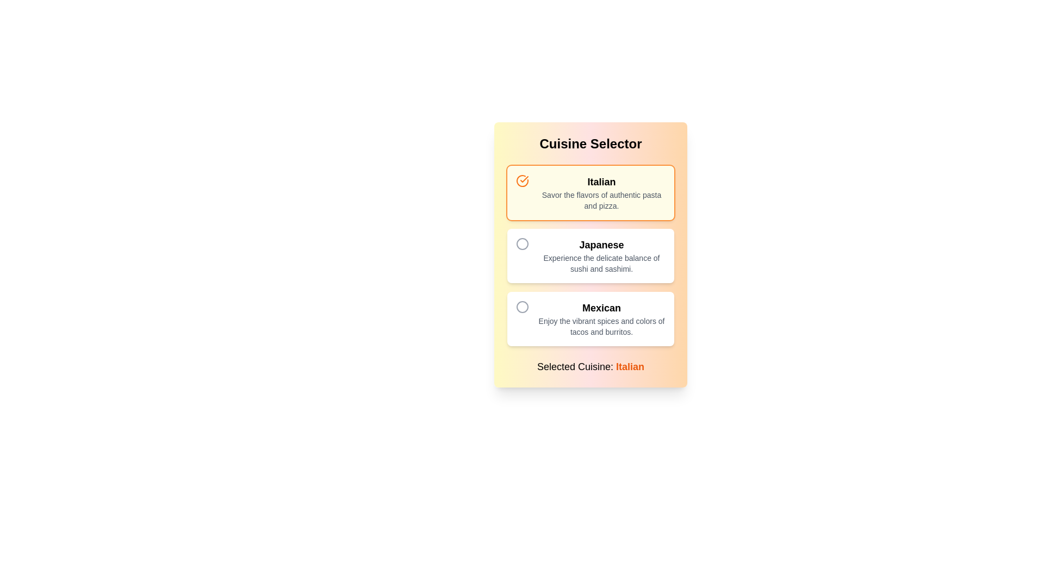  What do you see at coordinates (522, 307) in the screenshot?
I see `the circular SVG element that is part of the 'Japanese' option in the list, positioned to the left of its text content` at bounding box center [522, 307].